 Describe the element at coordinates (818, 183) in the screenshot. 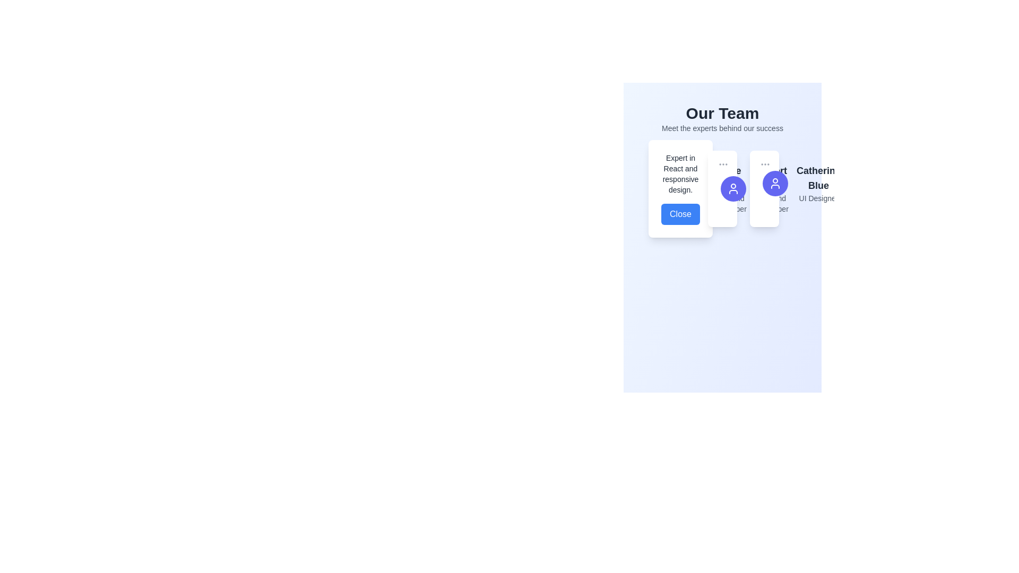

I see `text label introducing 'Catherine Blue' as a UI Designer, located in the upper-right quadrant of the card-like structure in the 'Meet the experts behind our success' section, positioned to the right of a blue-colored circular icon` at that location.